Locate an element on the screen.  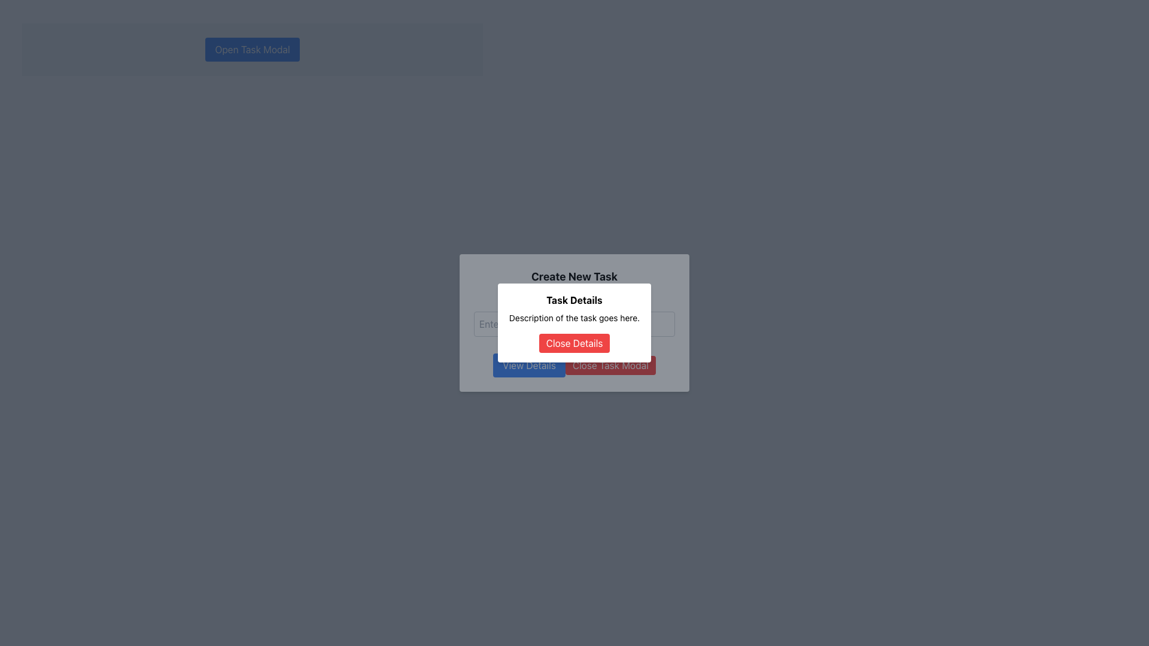
the red 'Close Task Modal' button with white text located at the bottom-right of the modal dialog is located at coordinates (610, 364).